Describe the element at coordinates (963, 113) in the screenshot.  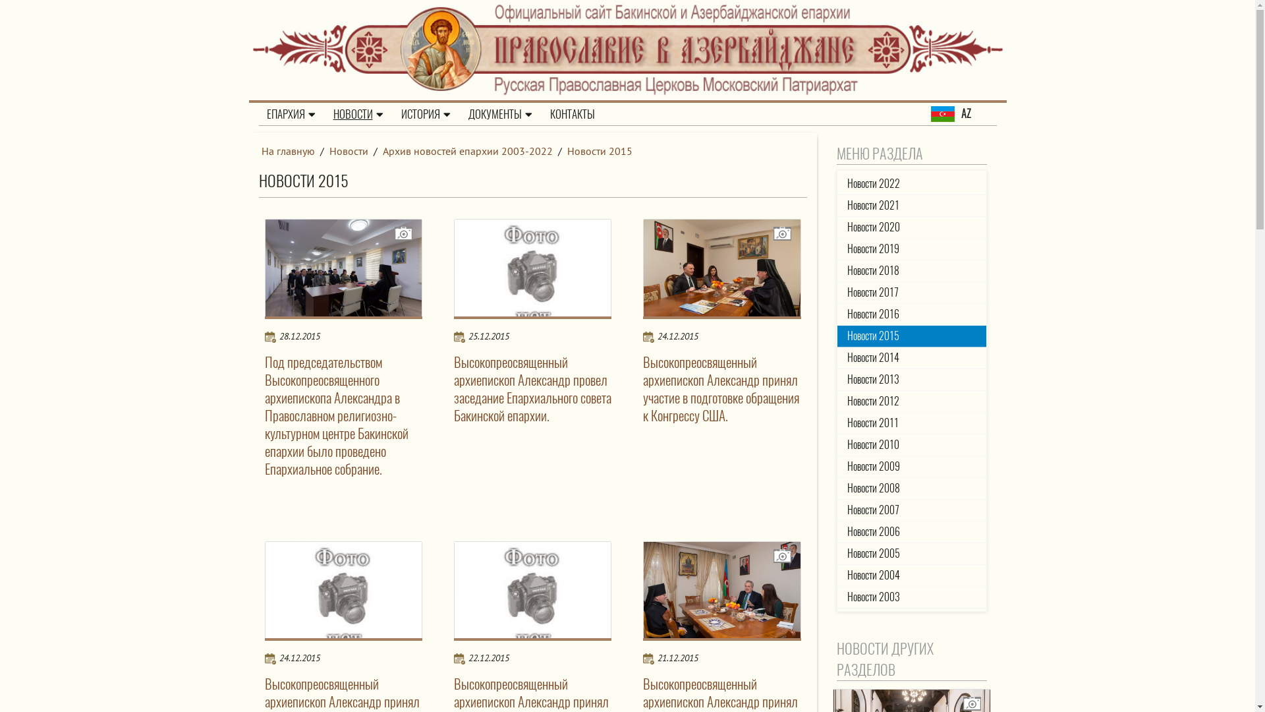
I see `'AZ'` at that location.